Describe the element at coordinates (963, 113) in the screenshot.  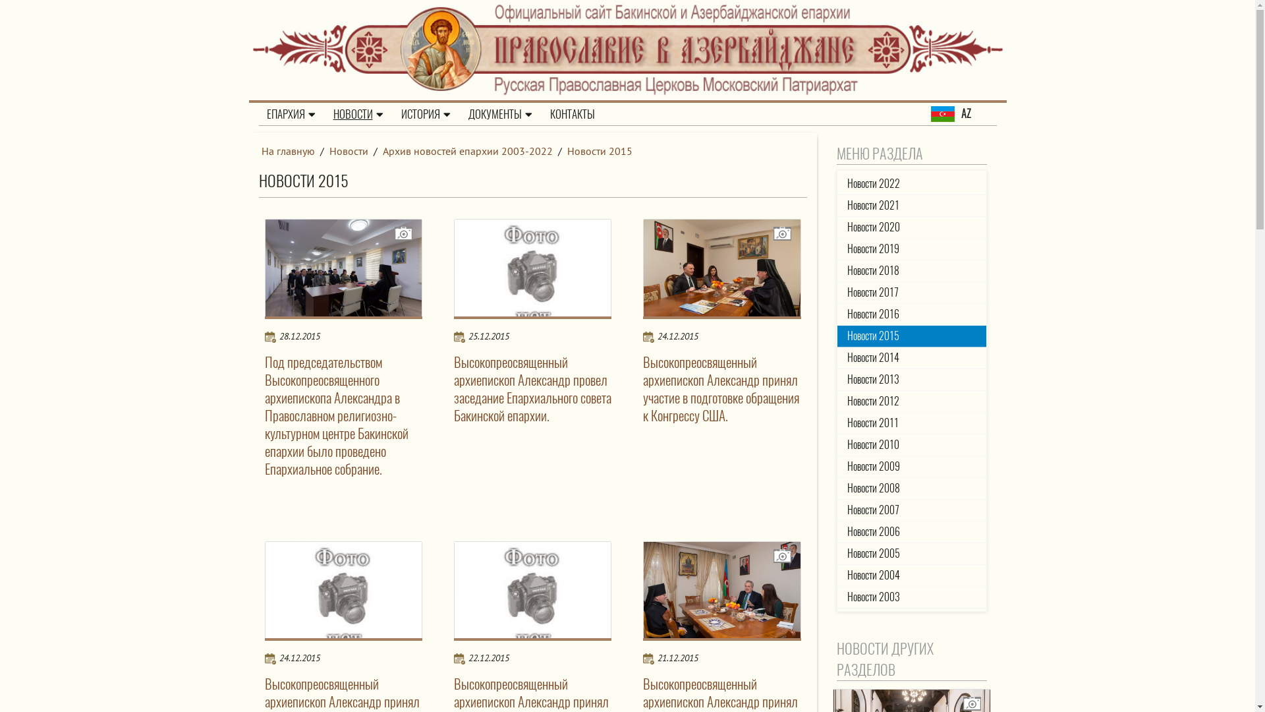
I see `'AZ'` at that location.